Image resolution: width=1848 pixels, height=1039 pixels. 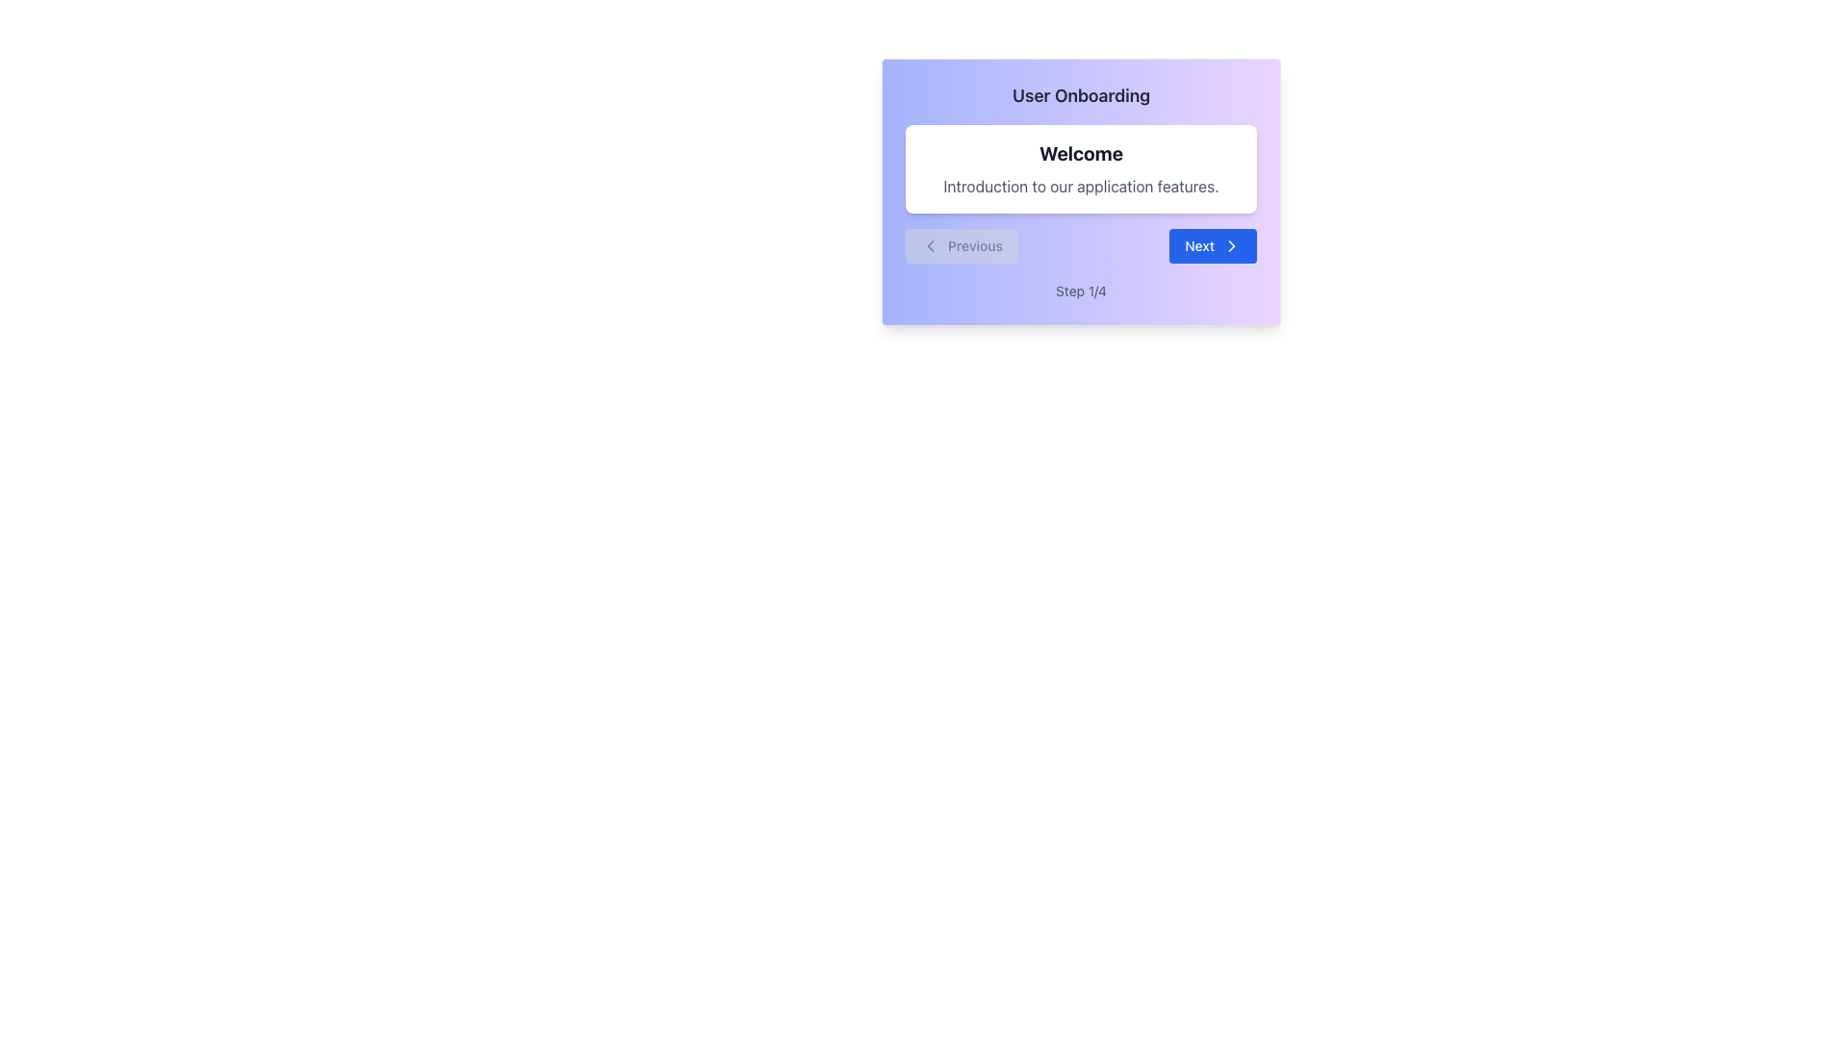 What do you see at coordinates (1081, 291) in the screenshot?
I see `the text segment displaying 'Step 1/4', which is a small gray font part of the progress indication located centrally below the 'Previous' and 'Next' buttons in the modal interface` at bounding box center [1081, 291].